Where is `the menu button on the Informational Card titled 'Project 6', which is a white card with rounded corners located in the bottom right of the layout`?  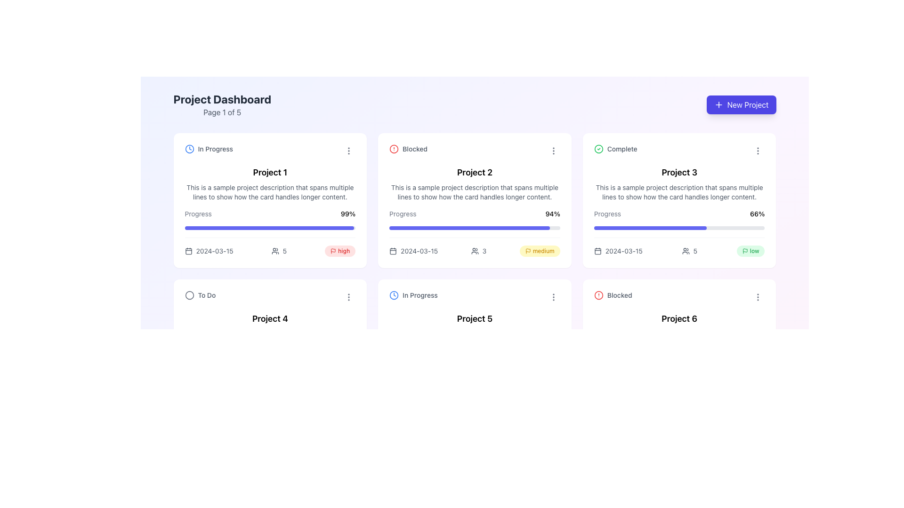
the menu button on the Informational Card titled 'Project 6', which is a white card with rounded corners located in the bottom right of the layout is located at coordinates (679, 347).